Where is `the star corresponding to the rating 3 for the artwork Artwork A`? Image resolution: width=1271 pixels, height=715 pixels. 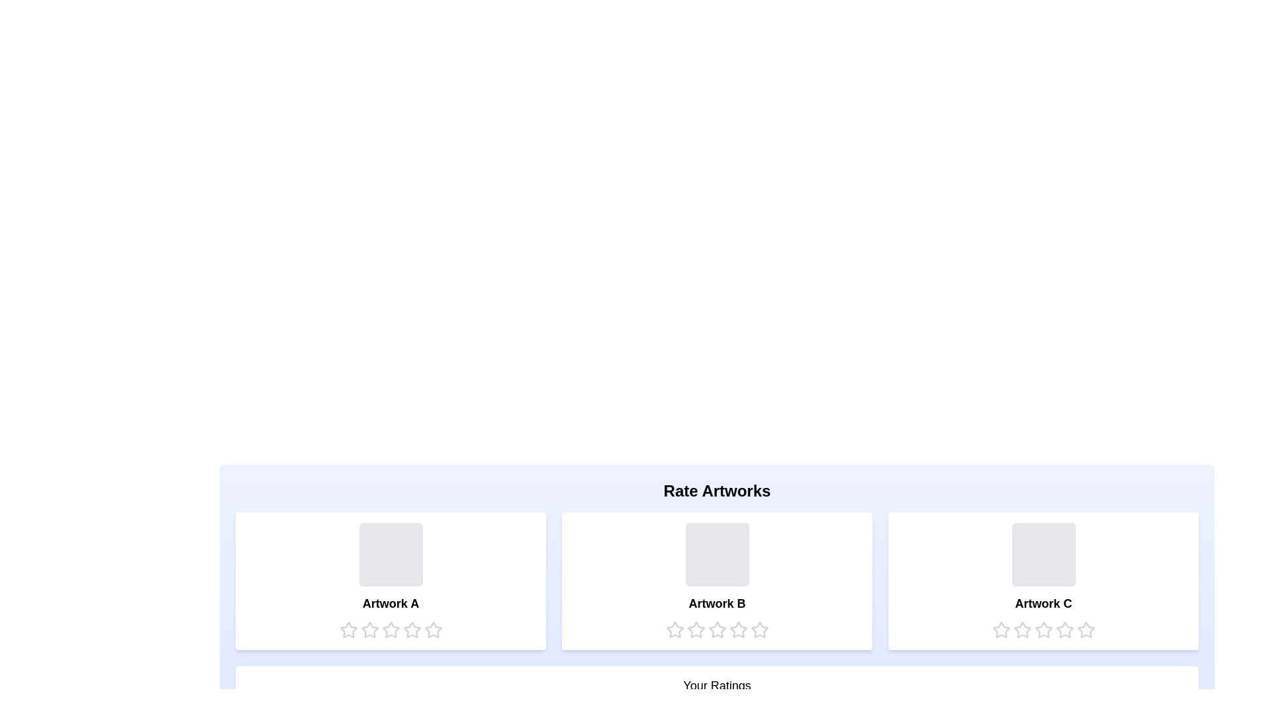 the star corresponding to the rating 3 for the artwork Artwork A is located at coordinates (390, 630).